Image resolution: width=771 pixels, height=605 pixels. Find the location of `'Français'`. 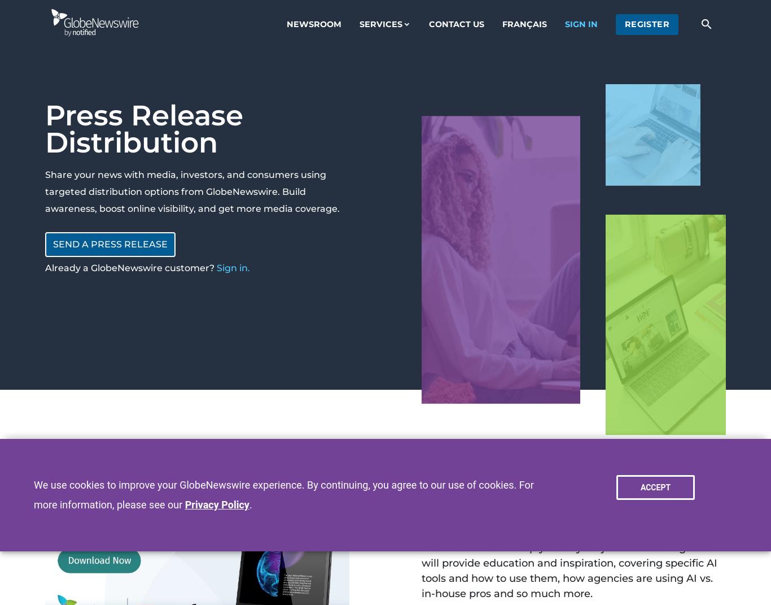

'Français' is located at coordinates (501, 23).